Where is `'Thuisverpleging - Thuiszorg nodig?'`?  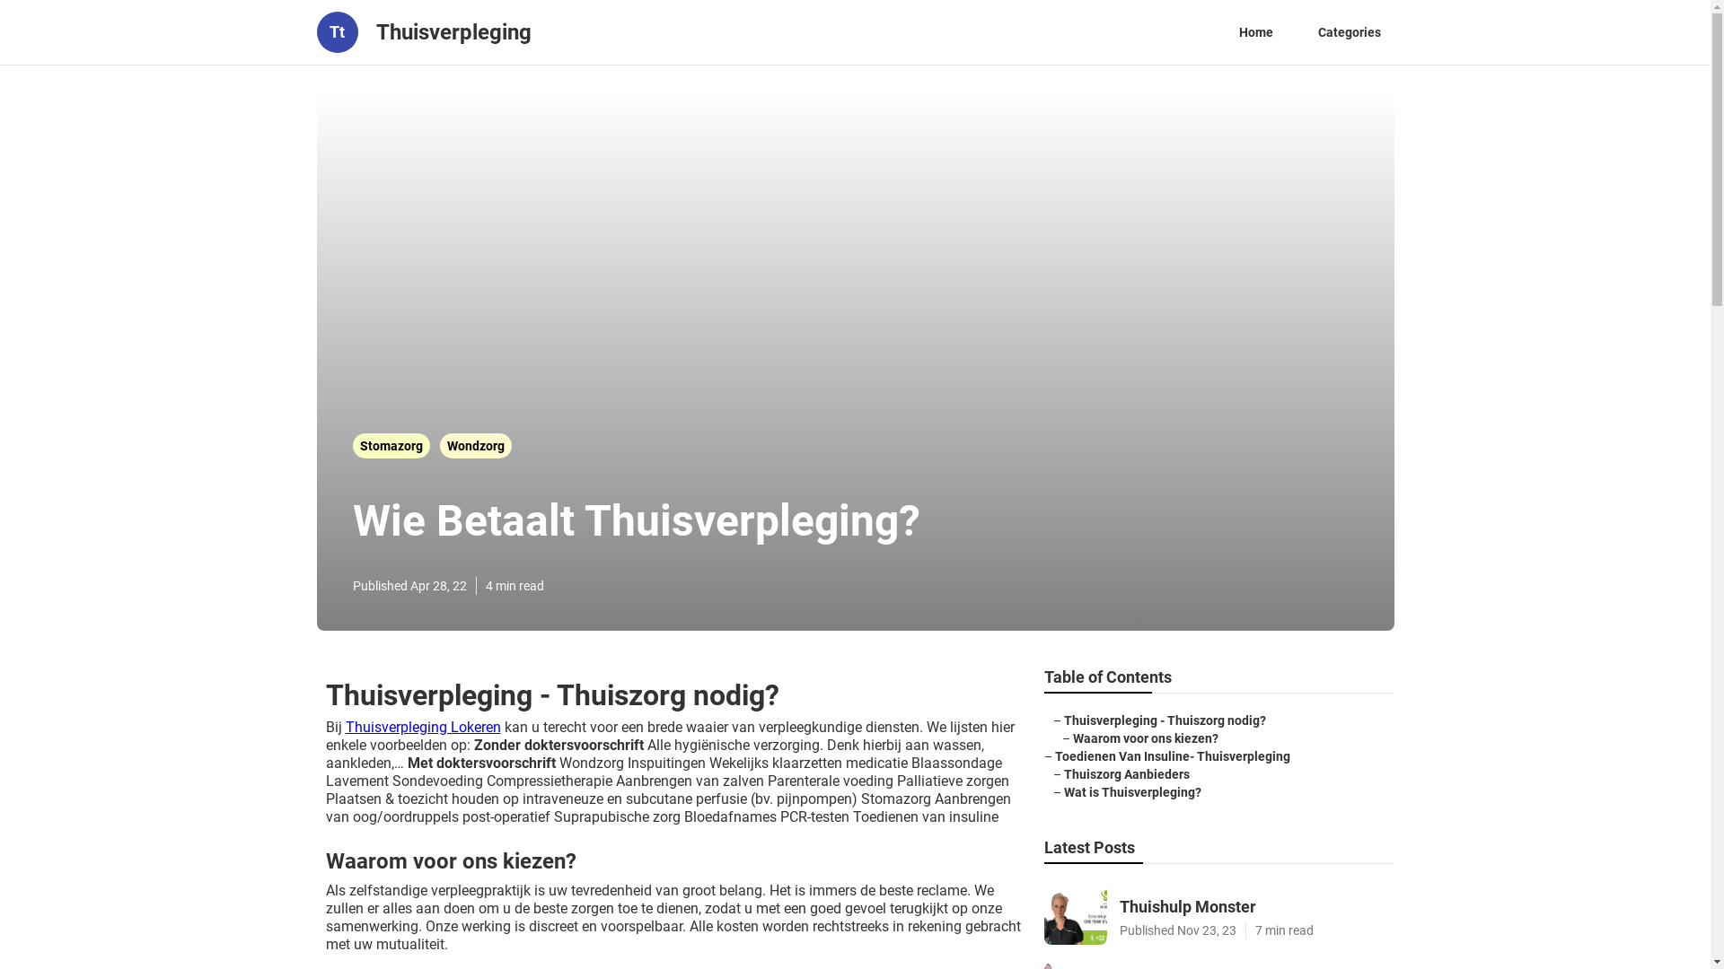
'Thuisverpleging - Thuiszorg nodig?' is located at coordinates (1164, 719).